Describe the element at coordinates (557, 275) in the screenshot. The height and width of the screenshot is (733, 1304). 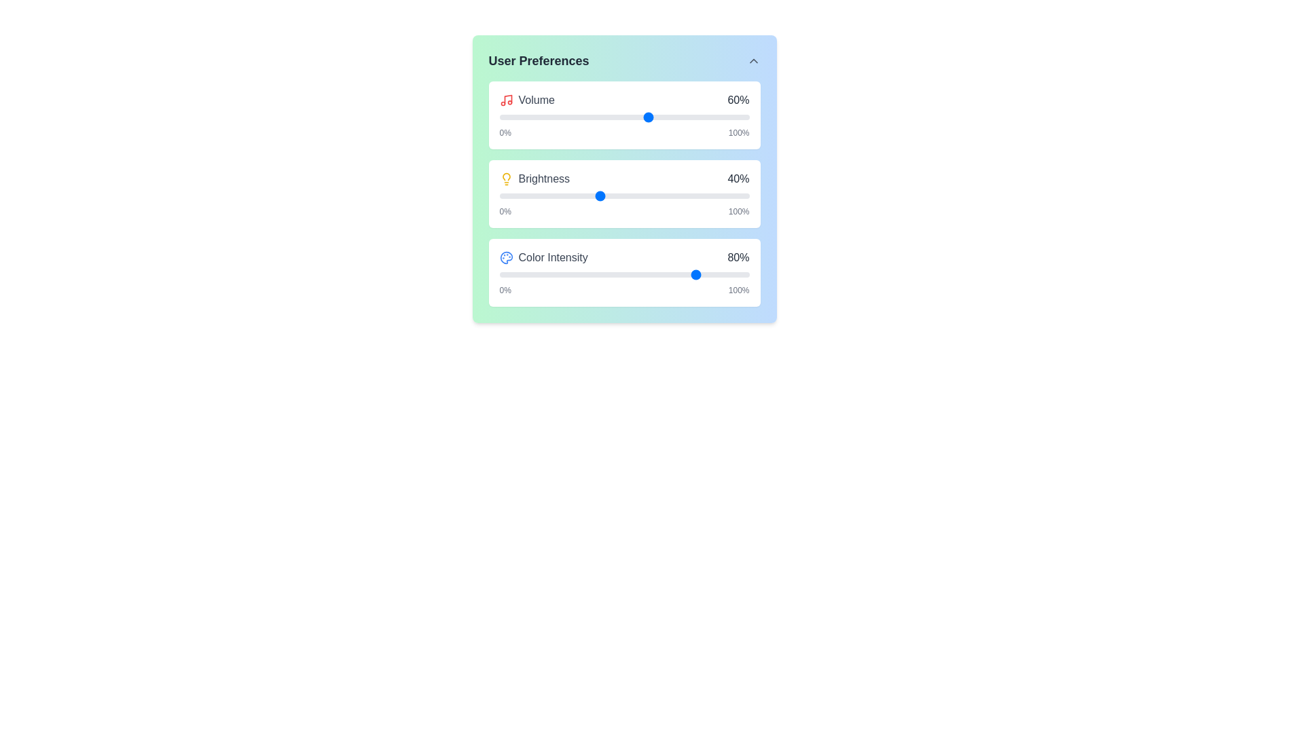
I see `the Color Intensity` at that location.